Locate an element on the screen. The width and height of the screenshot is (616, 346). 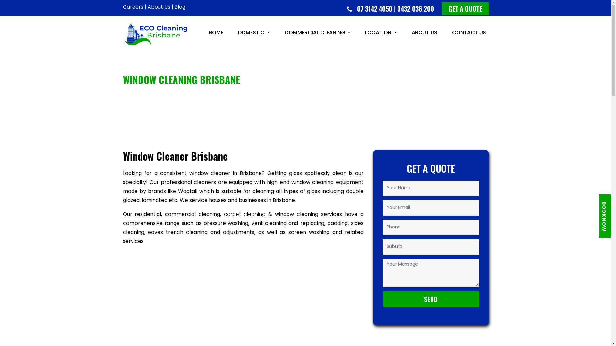
'Careers |' is located at coordinates (134, 7).